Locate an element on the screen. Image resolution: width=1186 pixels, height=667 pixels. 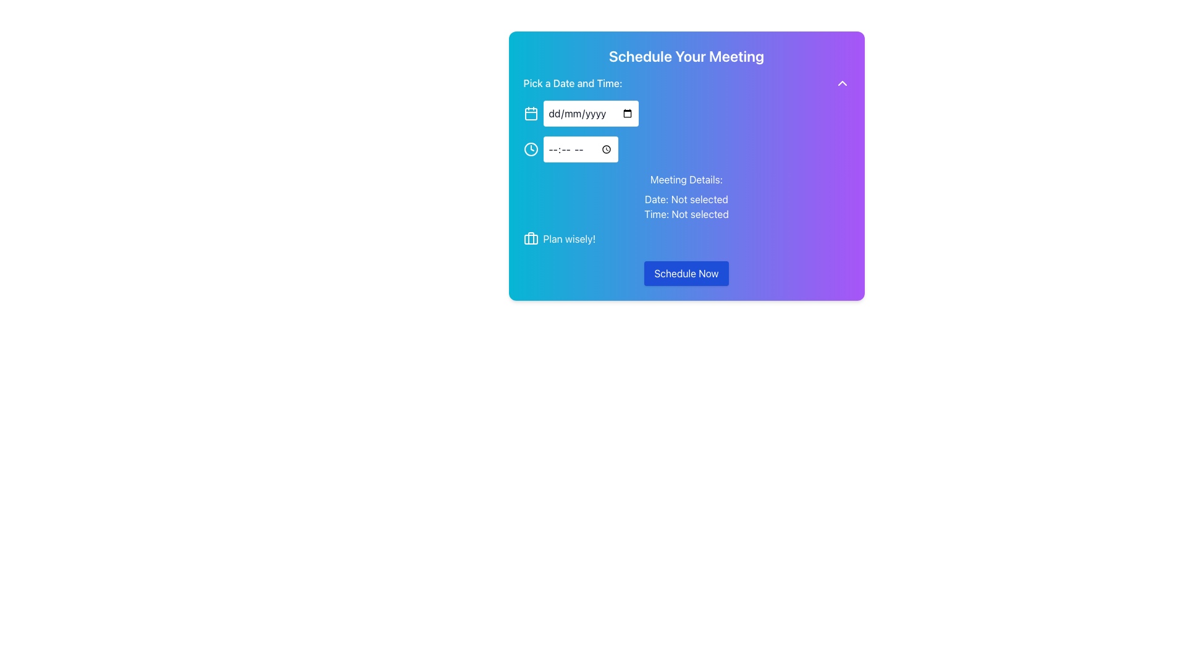
the vertical line segment of the briefcase icon, which is part of the SVG element with a class 'lucide-briefcase', located to the left of the text 'Plan wisely!' is located at coordinates (531, 238).